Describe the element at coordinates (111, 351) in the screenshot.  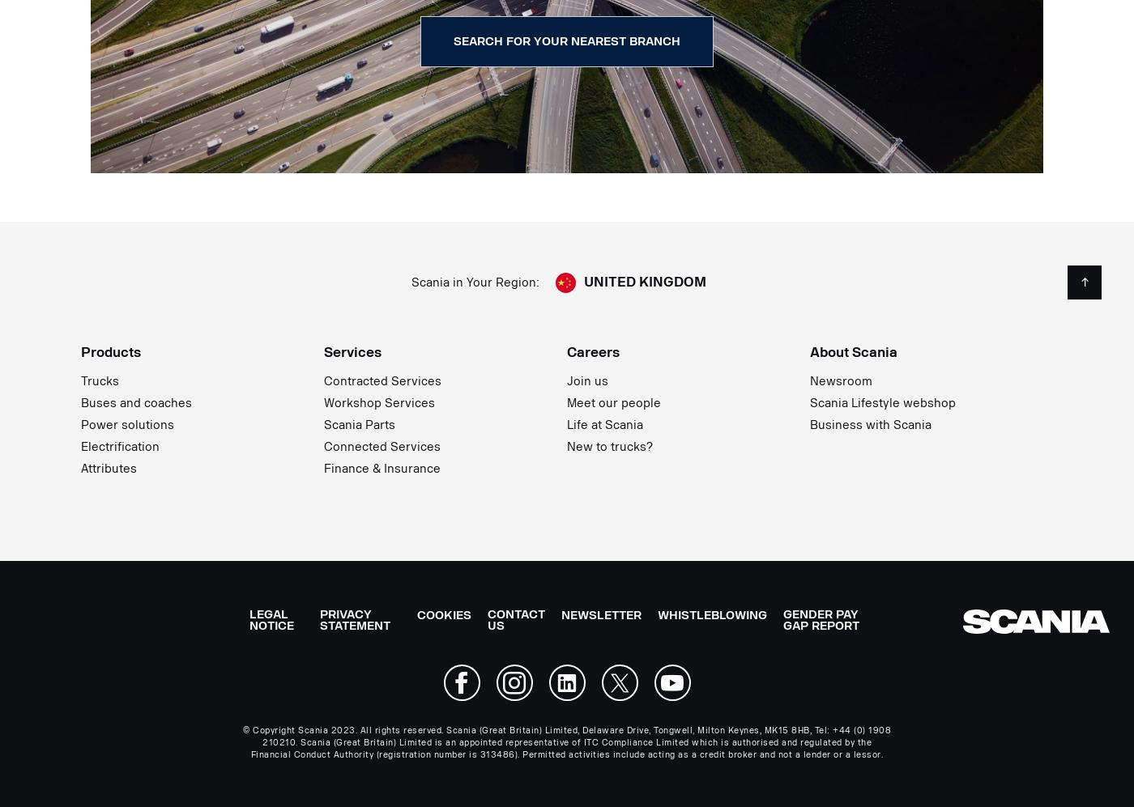
I see `'Products'` at that location.